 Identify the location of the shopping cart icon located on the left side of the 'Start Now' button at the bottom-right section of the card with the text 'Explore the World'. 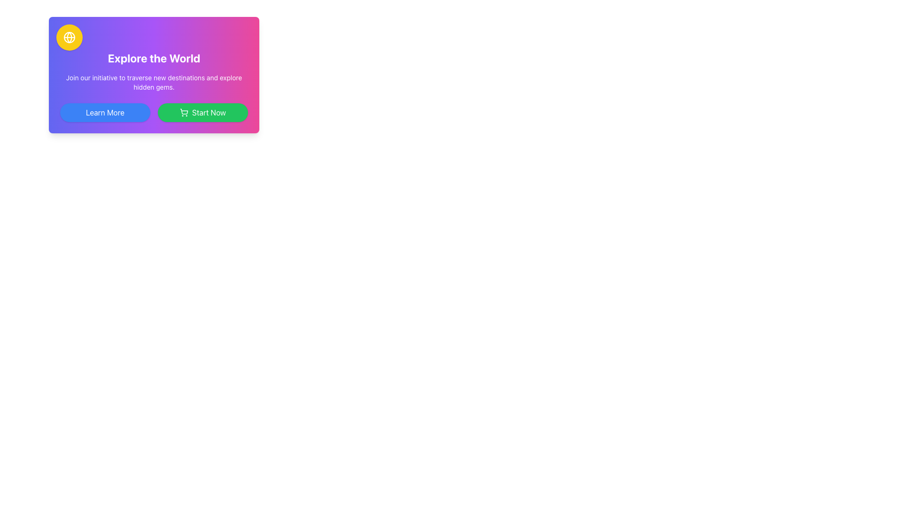
(184, 112).